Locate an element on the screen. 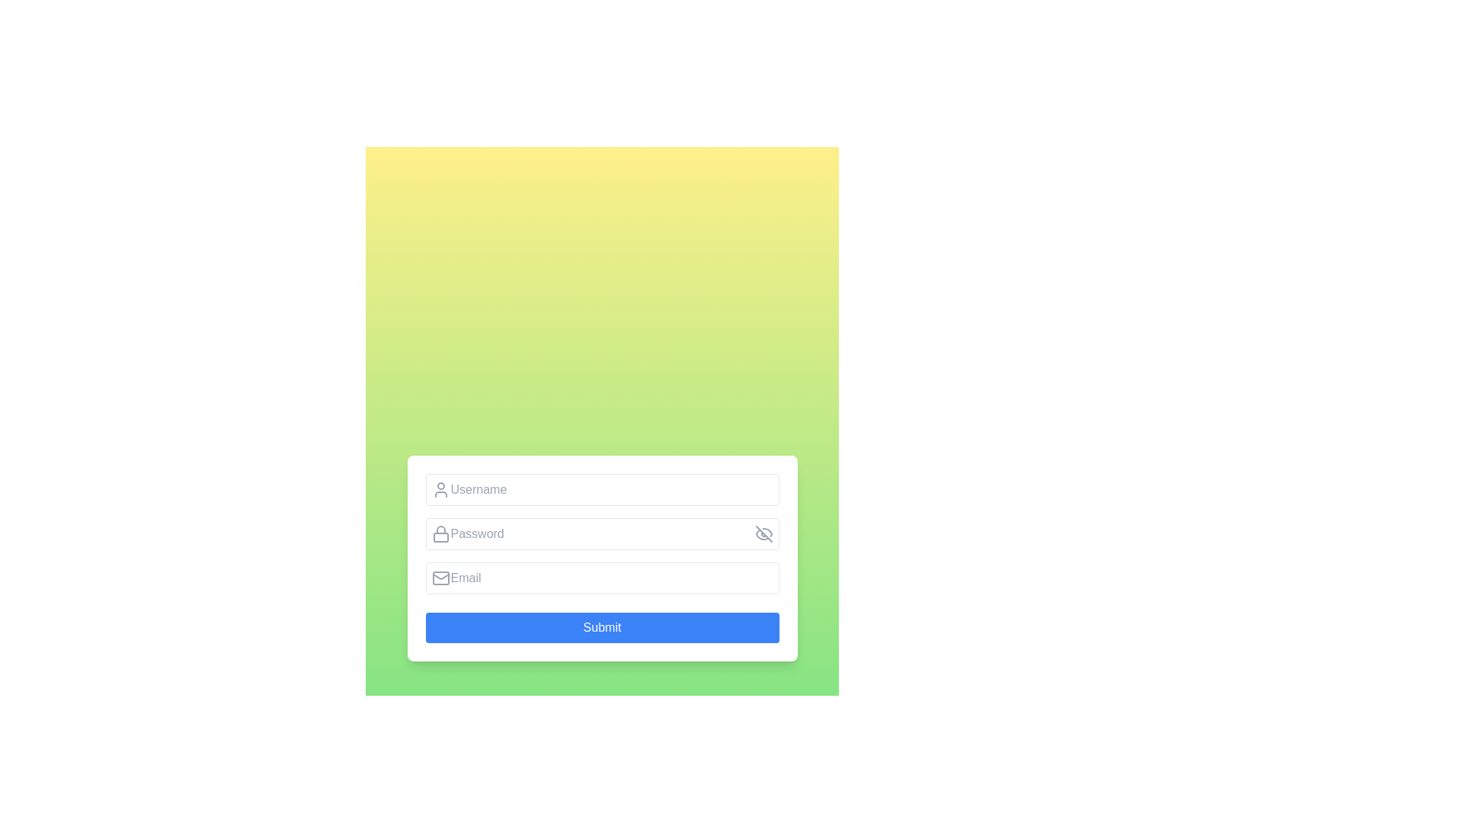  the lock icon located to the left of the 'Password' input field, indicating security or password input context is located at coordinates (440, 533).